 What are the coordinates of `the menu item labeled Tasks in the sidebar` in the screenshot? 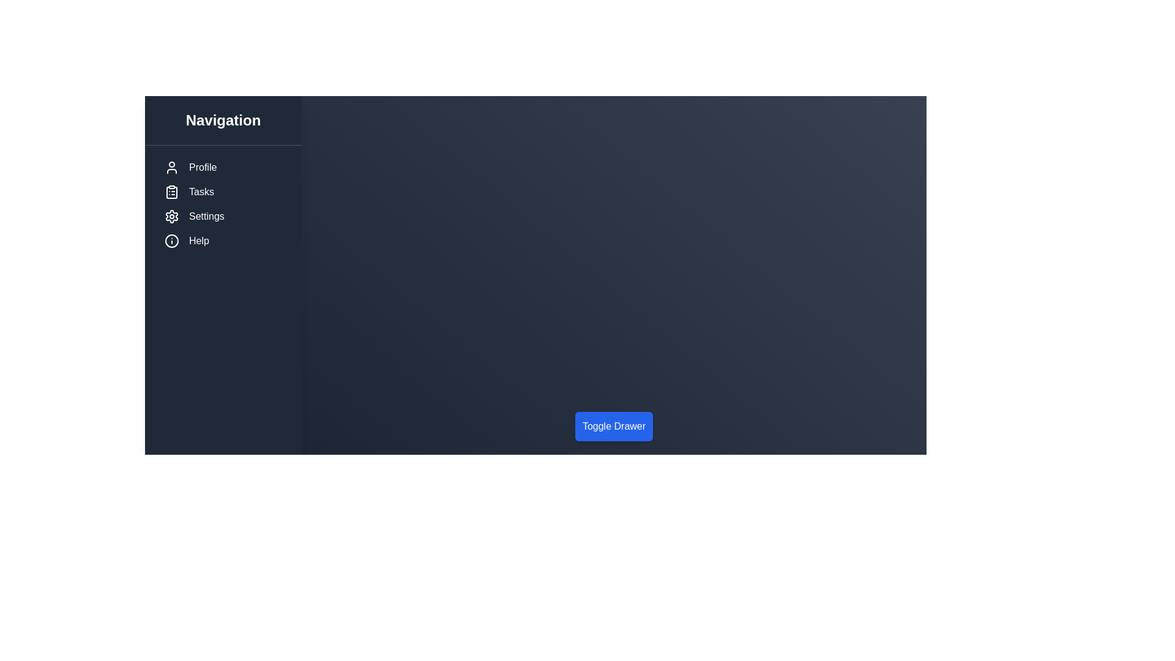 It's located at (223, 192).